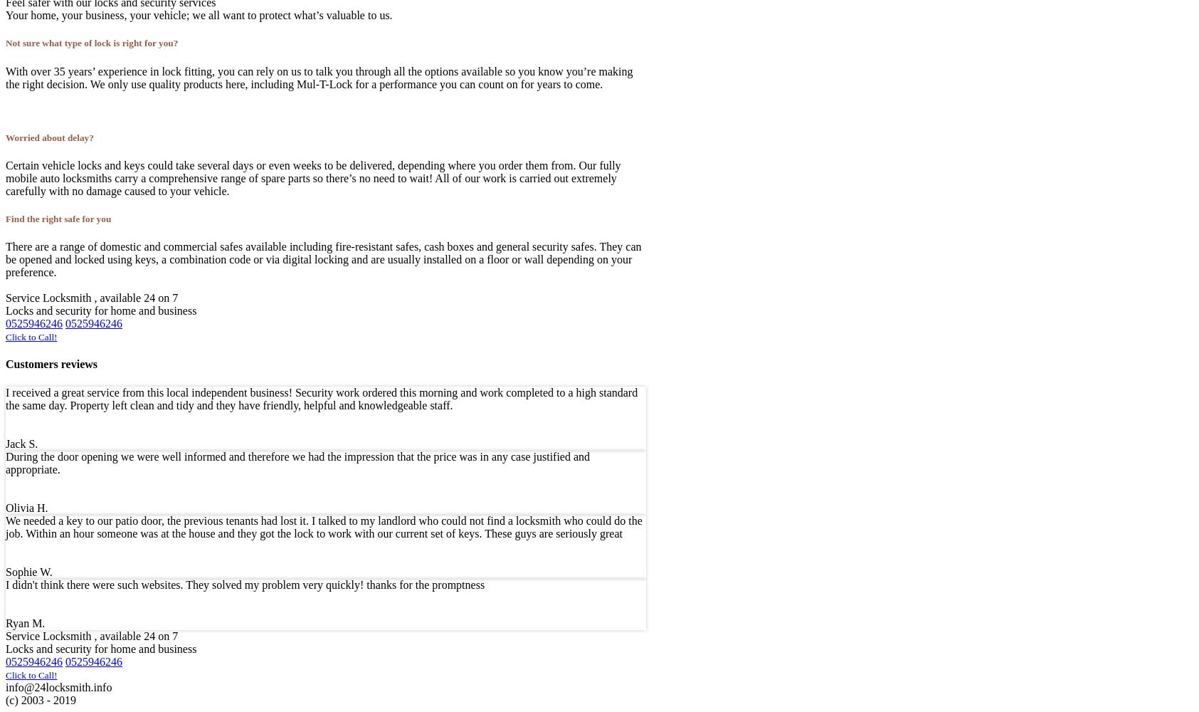 The image size is (1199, 712). What do you see at coordinates (244, 583) in the screenshot?
I see `'I didn't think there were such websites. They solved my problem very quickly! thanks for the promptness'` at bounding box center [244, 583].